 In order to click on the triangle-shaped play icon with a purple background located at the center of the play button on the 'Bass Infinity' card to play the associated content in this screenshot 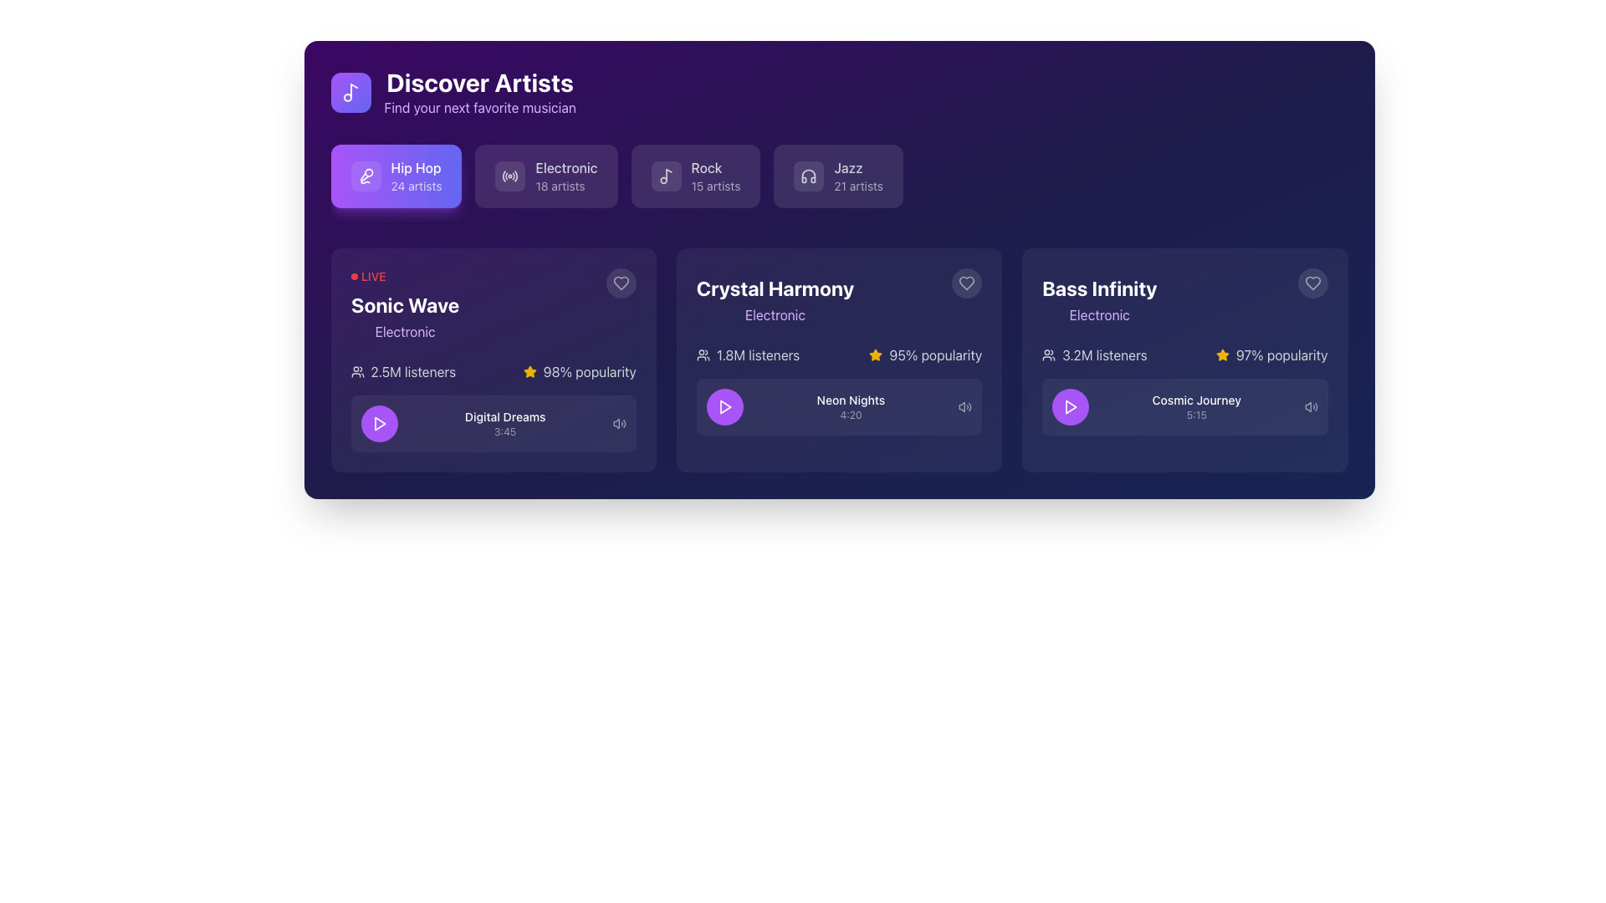, I will do `click(1071, 406)`.